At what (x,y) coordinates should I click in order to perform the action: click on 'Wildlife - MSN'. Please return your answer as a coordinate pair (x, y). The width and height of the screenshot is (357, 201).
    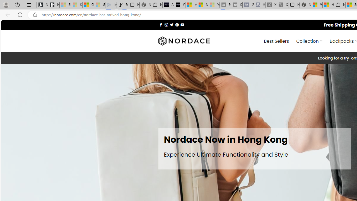
    Looking at the image, I should click on (317, 5).